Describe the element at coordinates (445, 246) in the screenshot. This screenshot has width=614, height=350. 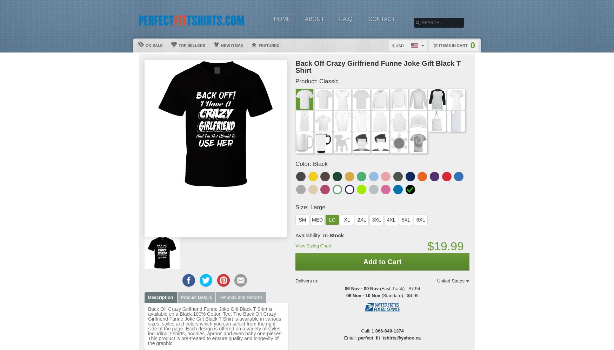
I see `'$19.99'` at that location.